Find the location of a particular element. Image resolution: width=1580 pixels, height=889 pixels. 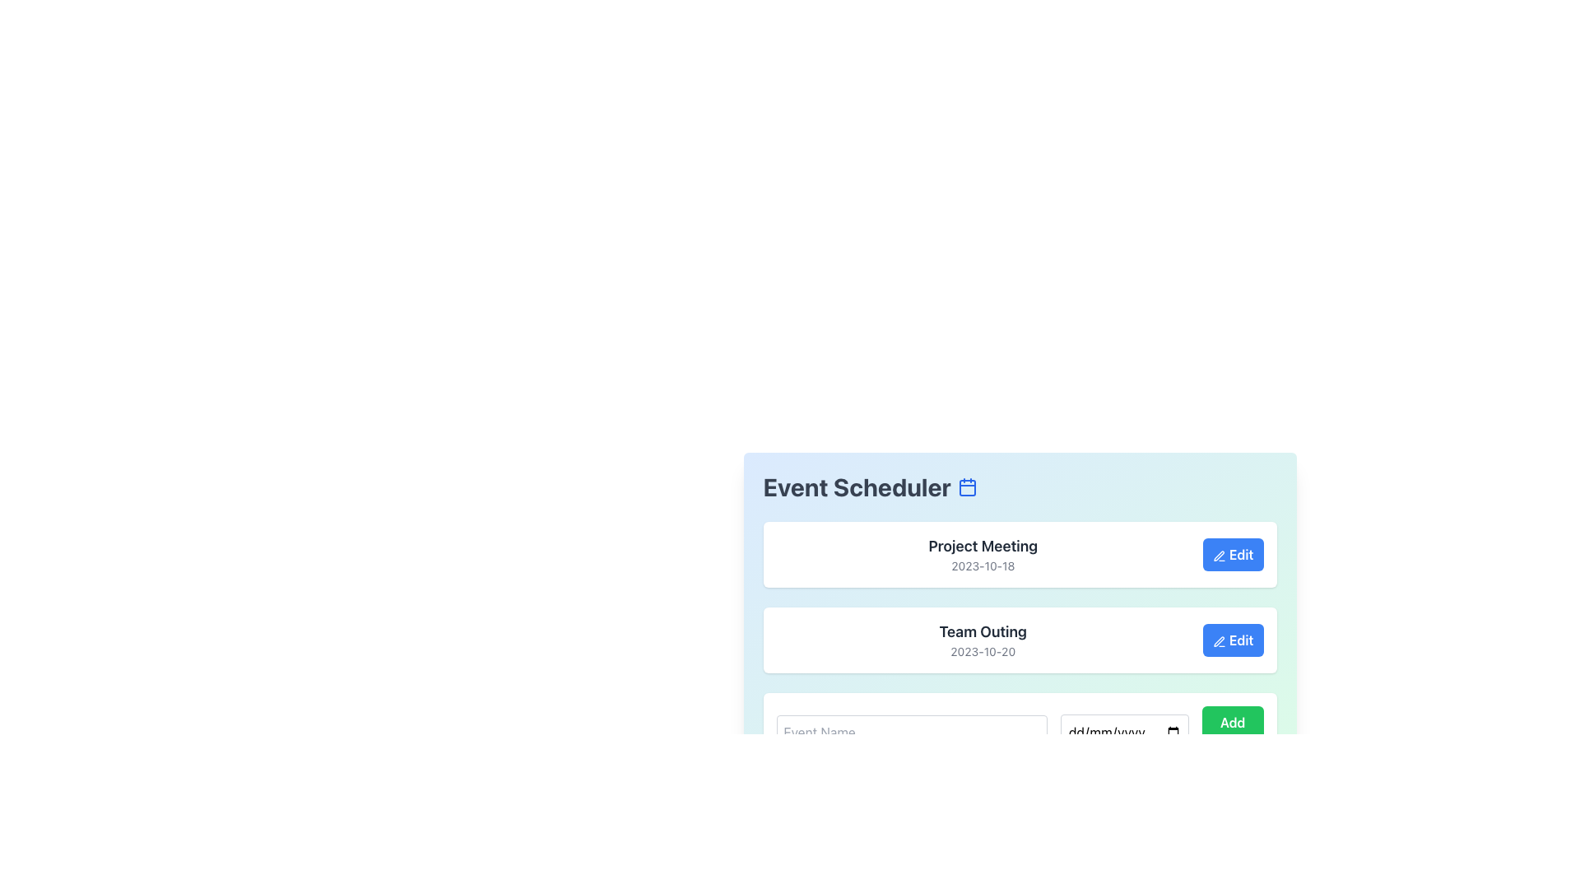

decorative graphical component of the calendar icon located in the top-right region of the interface near the 'Event Scheduler' header for style or structure is located at coordinates (968, 487).